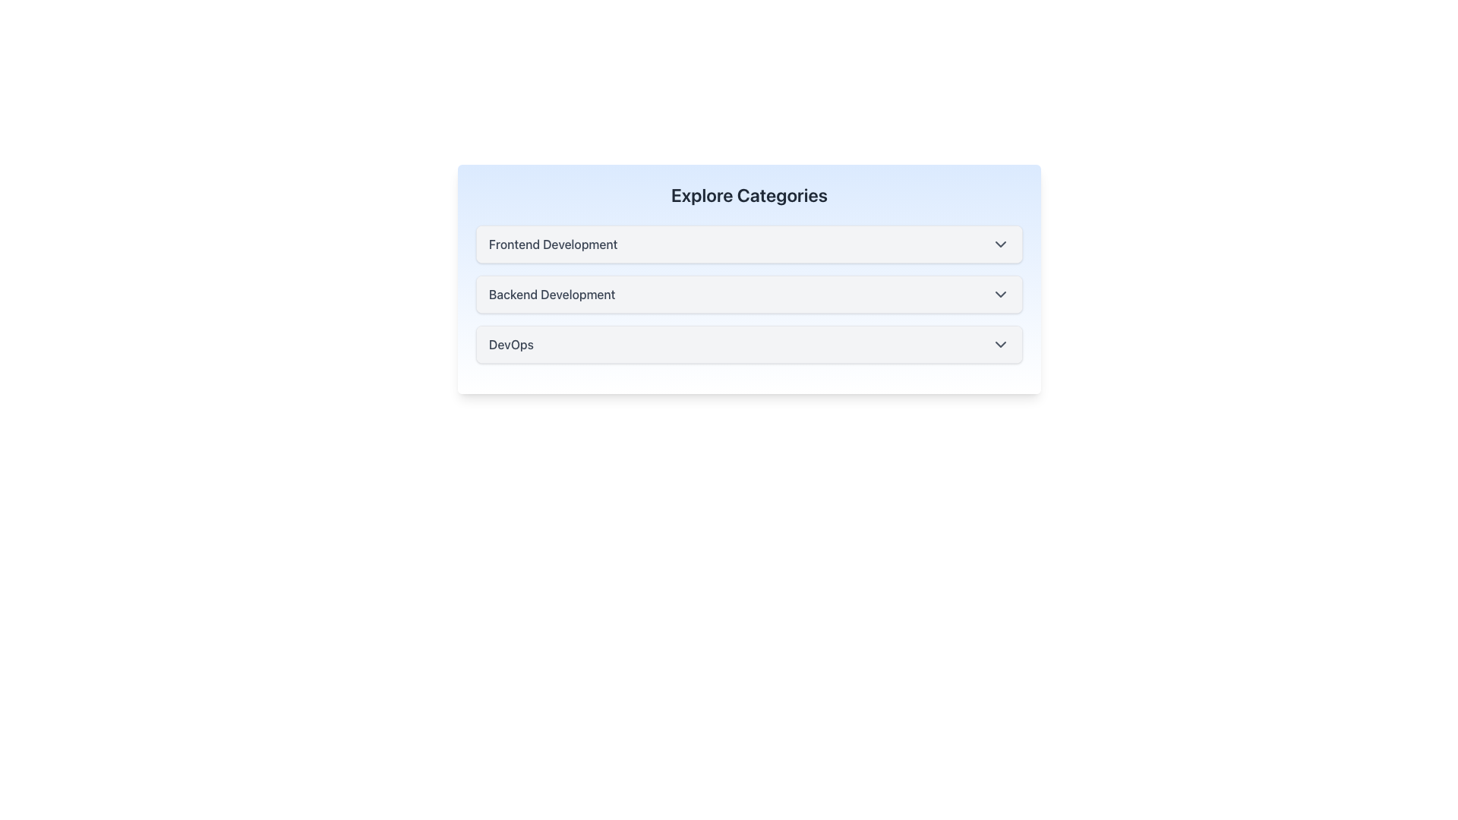 This screenshot has height=820, width=1458. What do you see at coordinates (750, 295) in the screenshot?
I see `the 'Backend Development' button, which is the second item in the vertically stacked list under 'Explore Categories'` at bounding box center [750, 295].